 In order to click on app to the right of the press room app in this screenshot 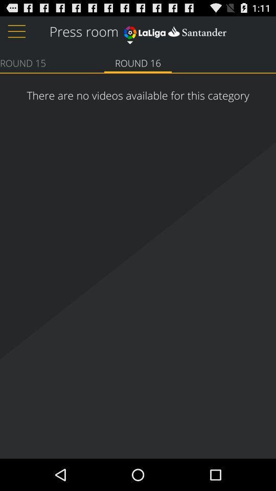, I will do `click(174, 30)`.